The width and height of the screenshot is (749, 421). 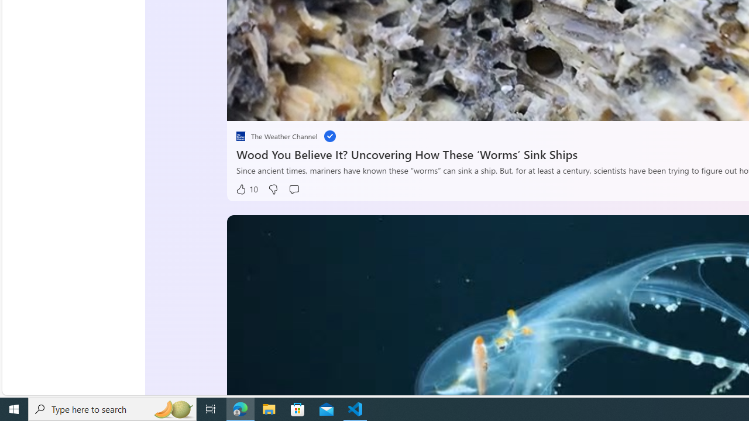 What do you see at coordinates (210, 408) in the screenshot?
I see `'Task View'` at bounding box center [210, 408].